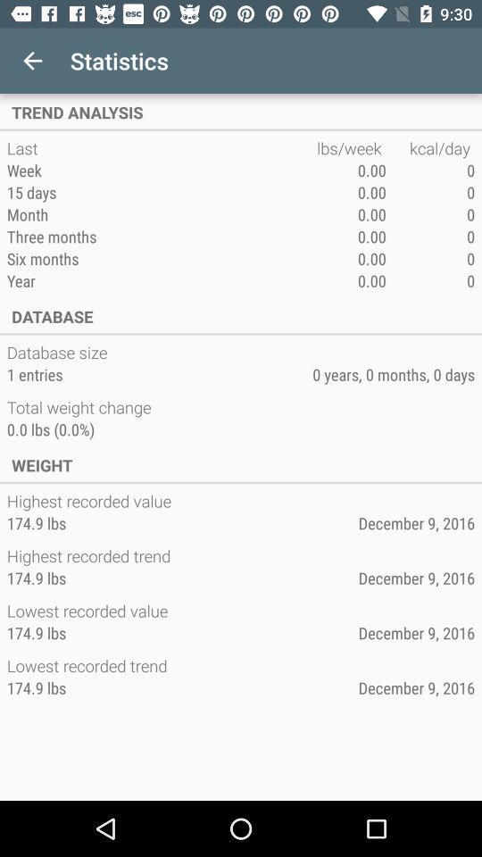  What do you see at coordinates (32, 61) in the screenshot?
I see `the item next to statistics icon` at bounding box center [32, 61].